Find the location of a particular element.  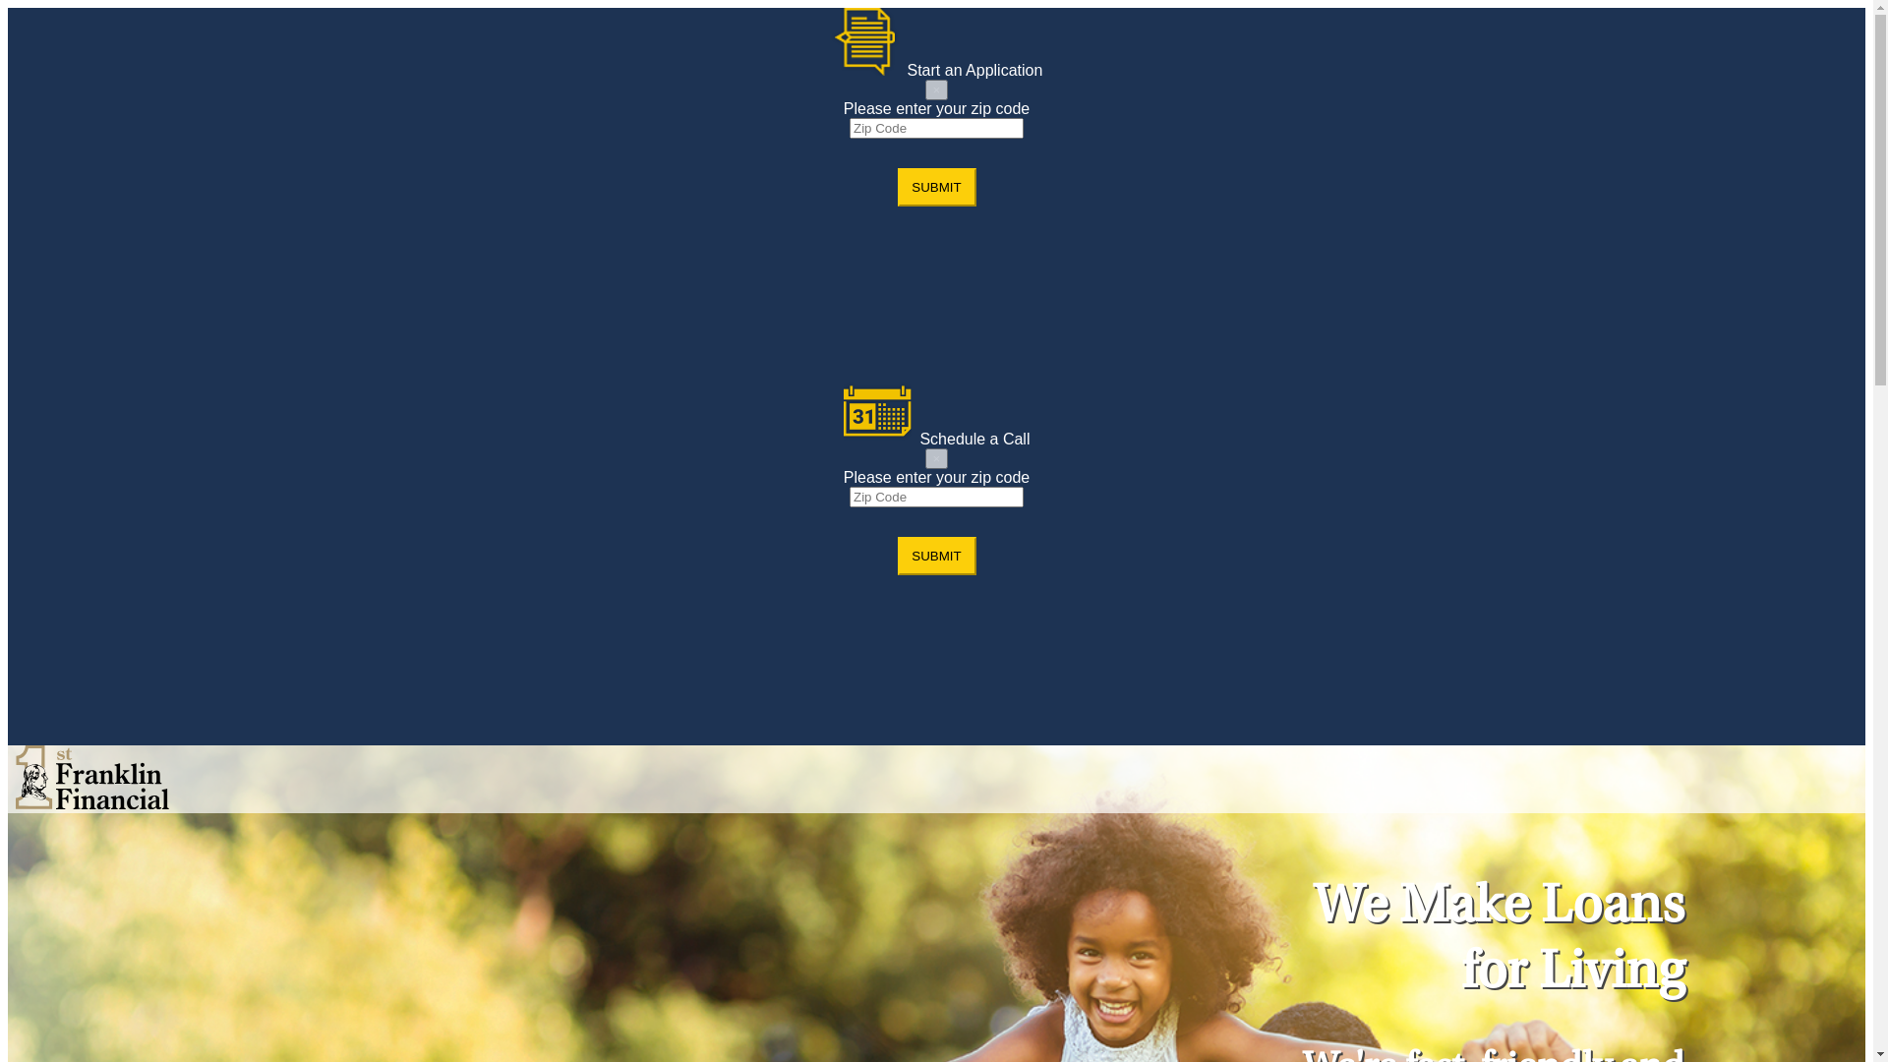

'SUBMIT' is located at coordinates (934, 556).